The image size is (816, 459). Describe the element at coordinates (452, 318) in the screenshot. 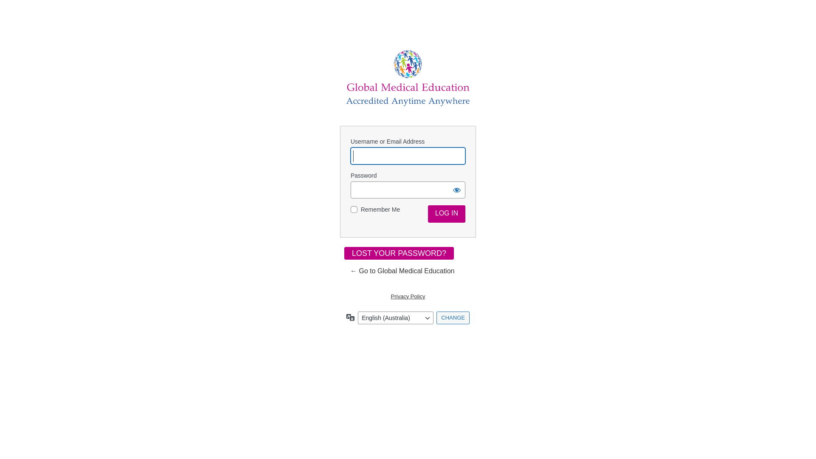

I see `'Change'` at that location.